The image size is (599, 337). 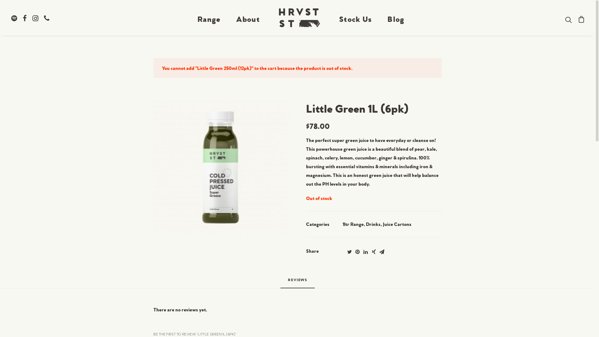 What do you see at coordinates (209, 17) in the screenshot?
I see `'Range'` at bounding box center [209, 17].